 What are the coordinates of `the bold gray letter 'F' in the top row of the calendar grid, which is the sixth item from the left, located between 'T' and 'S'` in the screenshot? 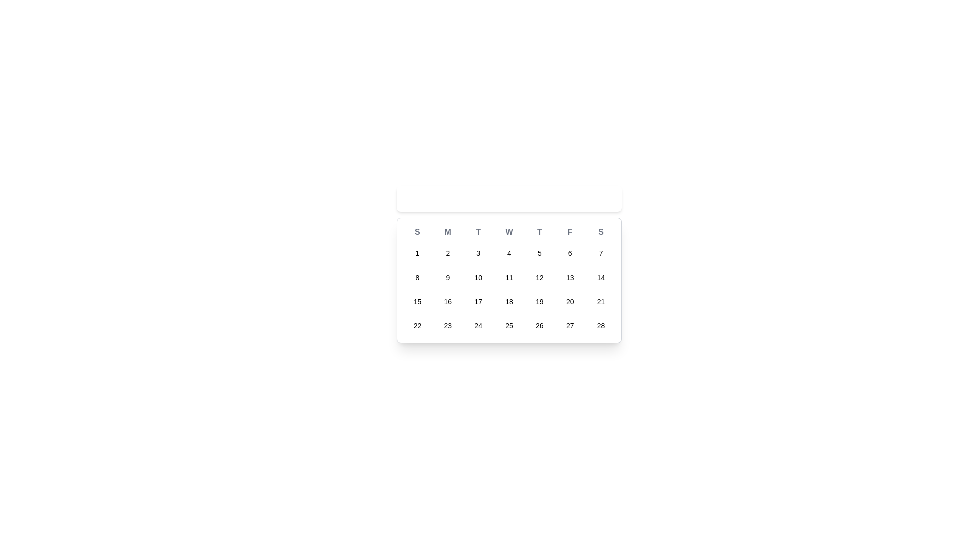 It's located at (570, 232).